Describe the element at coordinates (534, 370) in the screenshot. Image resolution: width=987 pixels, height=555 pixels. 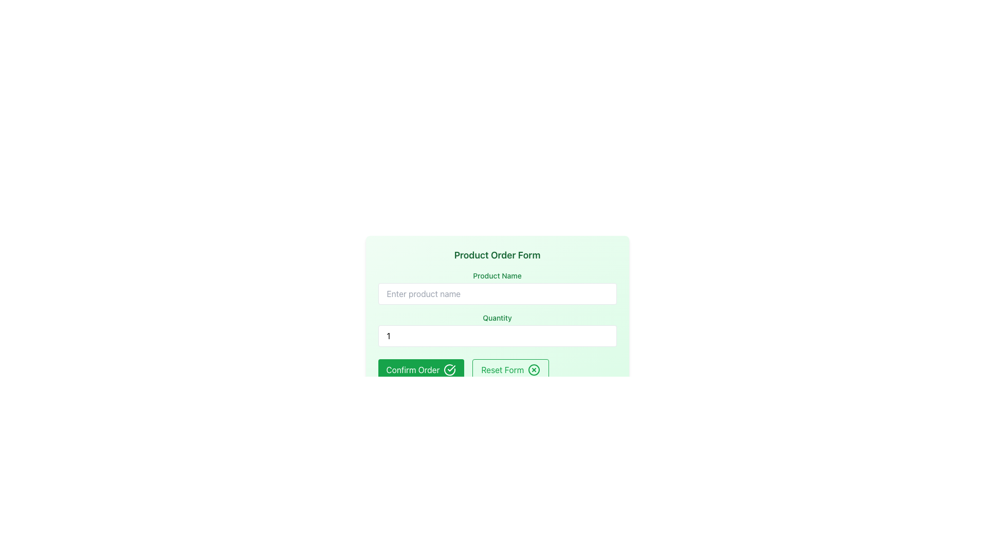
I see `the green circular border of the cancelation symbol located centrally within the 'Reset Form' button` at that location.